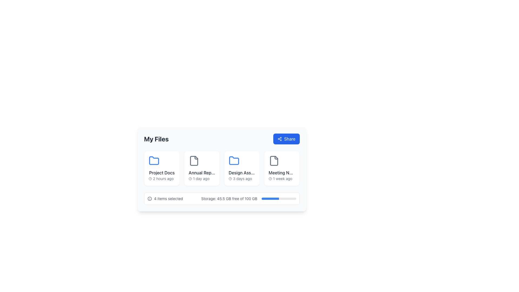 The width and height of the screenshot is (519, 292). What do you see at coordinates (149, 199) in the screenshot?
I see `the small circular decorative icon with an outlined 'i' symbol, located to the left of the '4 items selected' text in the 'My Files' section` at bounding box center [149, 199].